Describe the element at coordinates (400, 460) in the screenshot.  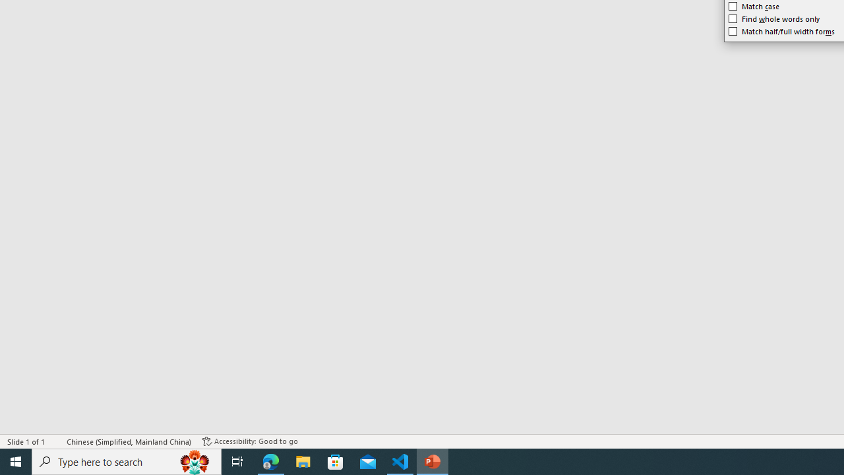
I see `'Visual Studio Code - 1 running window'` at that location.